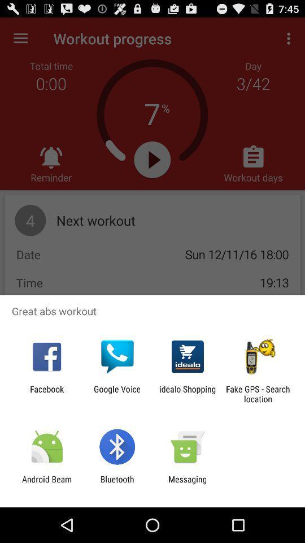 The height and width of the screenshot is (543, 305). Describe the element at coordinates (116, 484) in the screenshot. I see `the icon to the right of android beam app` at that location.